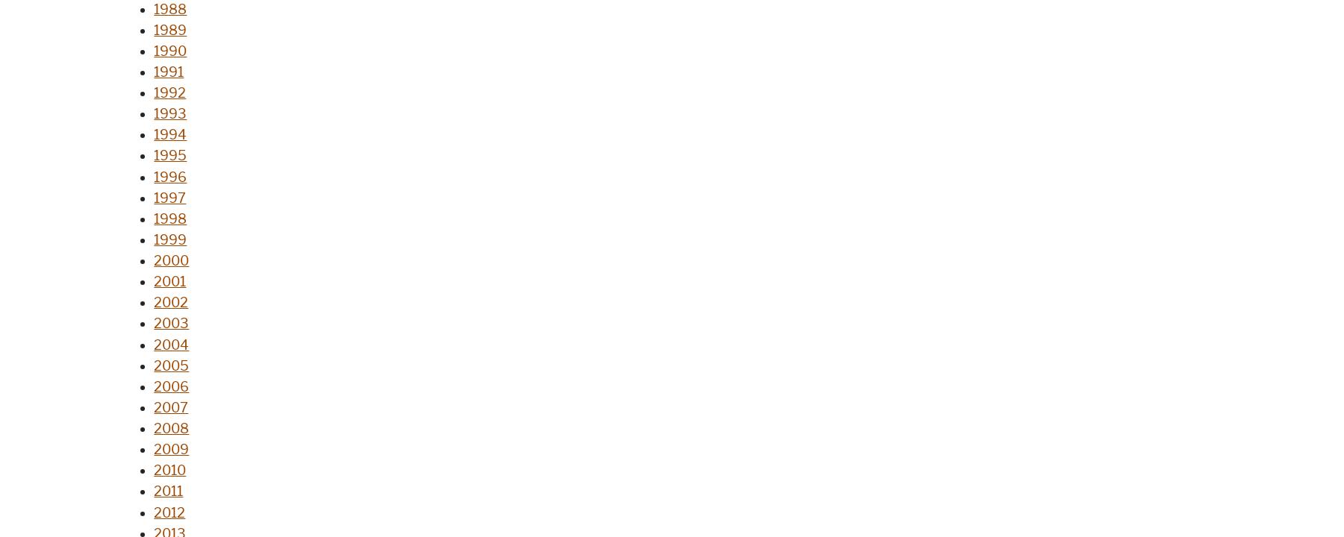 The height and width of the screenshot is (537, 1344). What do you see at coordinates (168, 71) in the screenshot?
I see `'1991'` at bounding box center [168, 71].